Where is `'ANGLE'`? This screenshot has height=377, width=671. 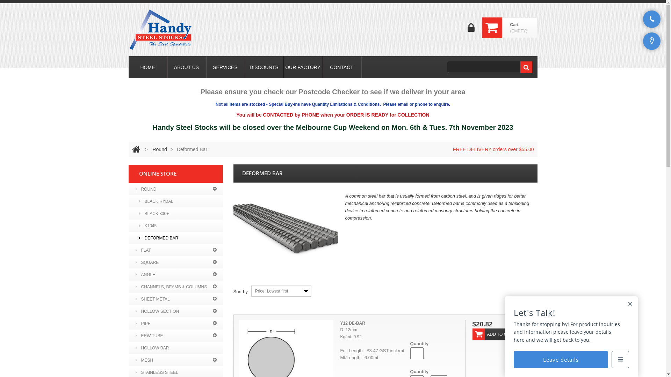 'ANGLE' is located at coordinates (176, 274).